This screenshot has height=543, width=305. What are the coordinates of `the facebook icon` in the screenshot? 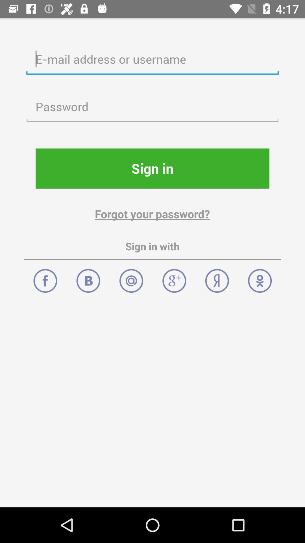 It's located at (45, 278).